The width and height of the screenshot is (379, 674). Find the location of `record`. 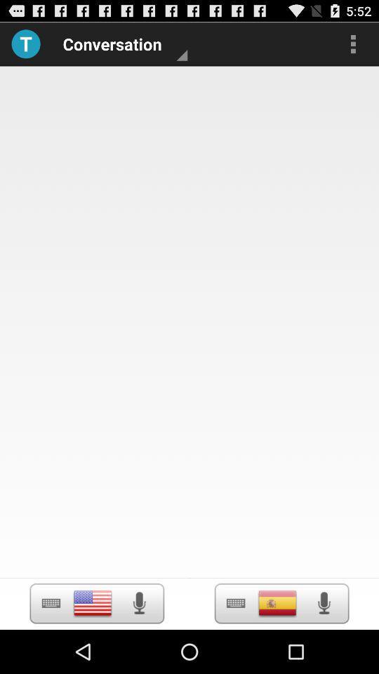

record is located at coordinates (139, 602).